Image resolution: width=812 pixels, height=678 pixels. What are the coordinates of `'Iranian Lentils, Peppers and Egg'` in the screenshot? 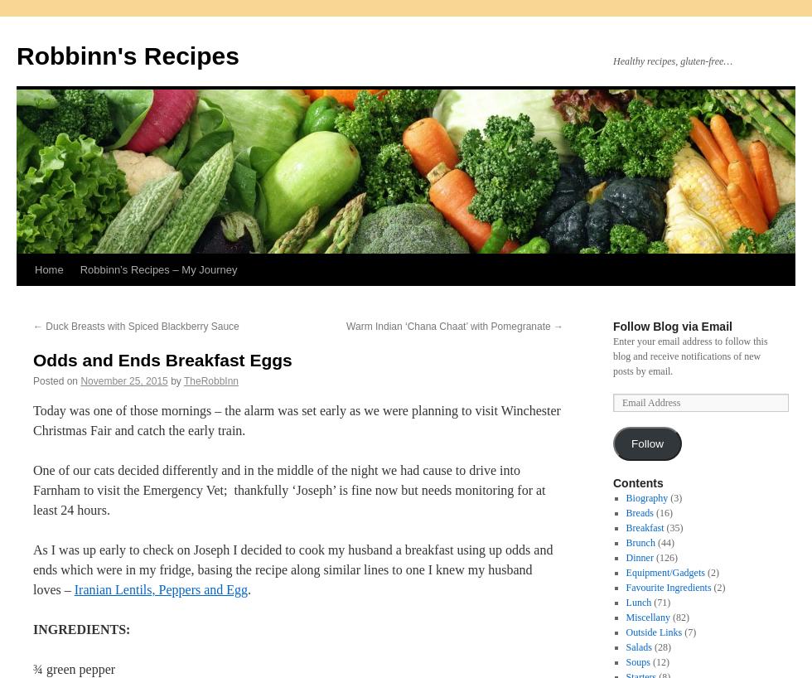 It's located at (161, 588).